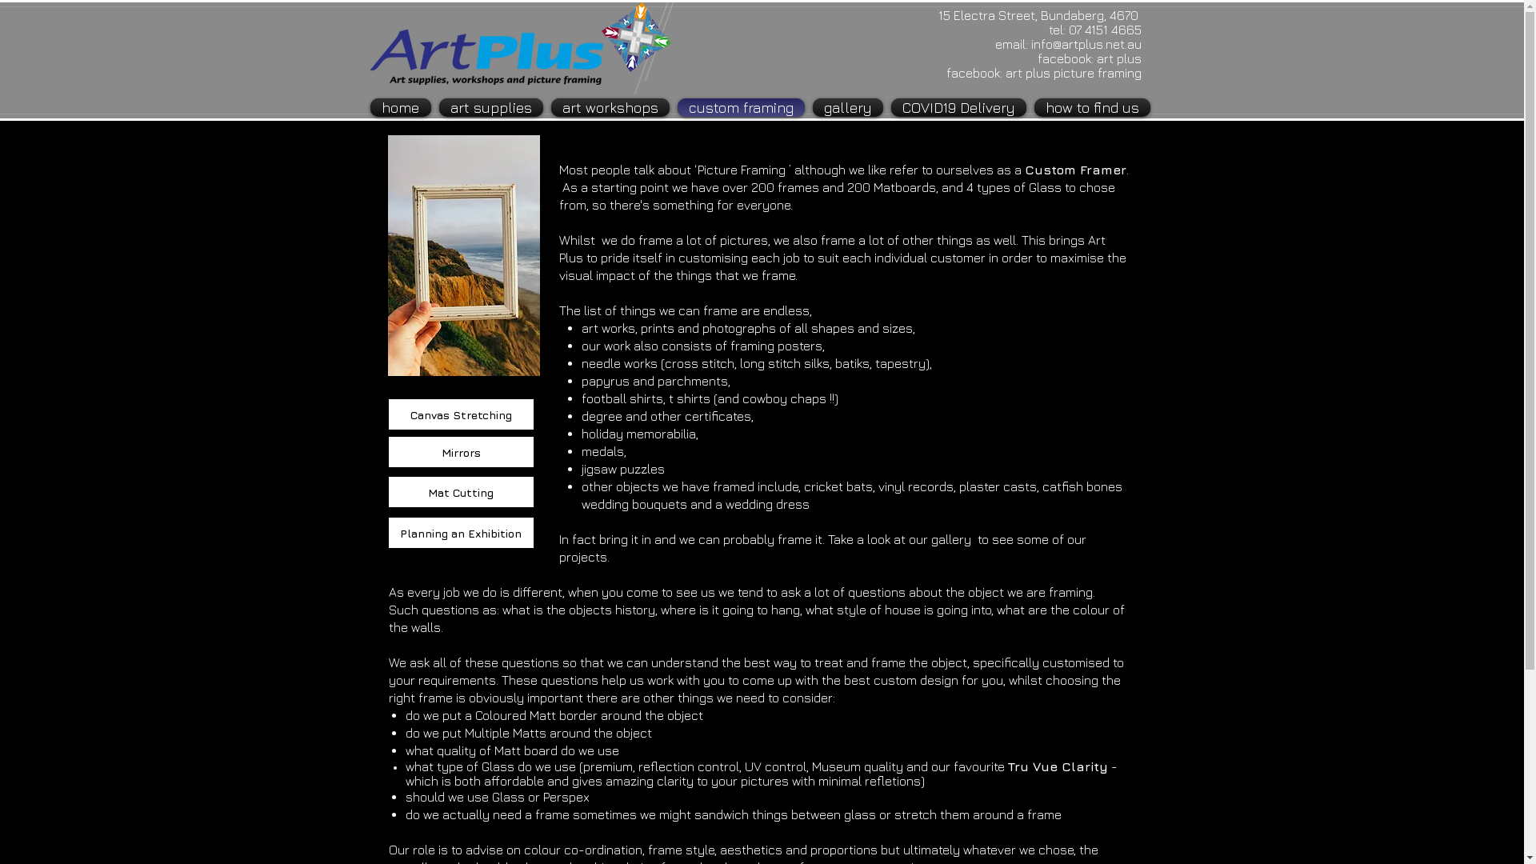 This screenshot has width=1536, height=864. Describe the element at coordinates (459, 413) in the screenshot. I see `'Canvas Stretching'` at that location.